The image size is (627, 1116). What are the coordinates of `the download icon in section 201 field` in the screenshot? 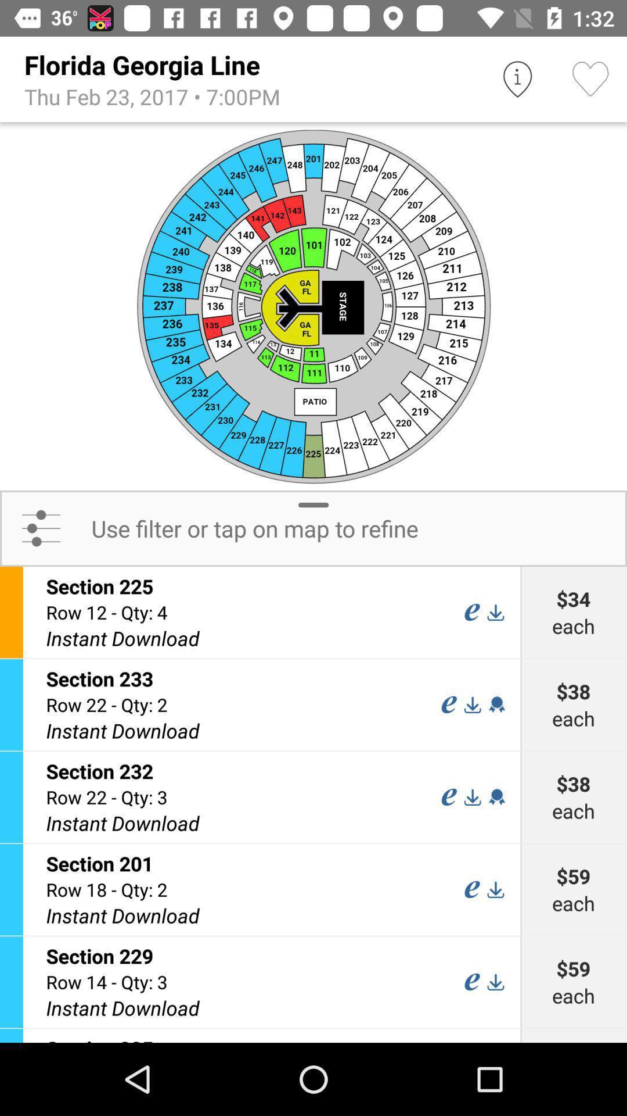 It's located at (495, 889).